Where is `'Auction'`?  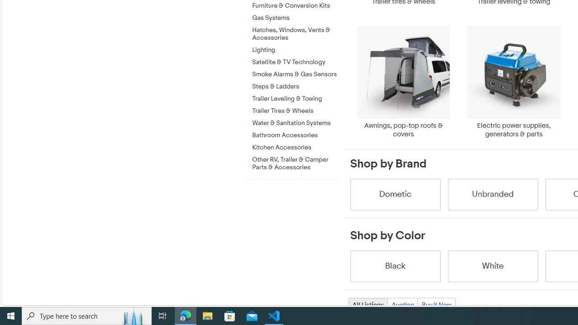 'Auction' is located at coordinates (402, 305).